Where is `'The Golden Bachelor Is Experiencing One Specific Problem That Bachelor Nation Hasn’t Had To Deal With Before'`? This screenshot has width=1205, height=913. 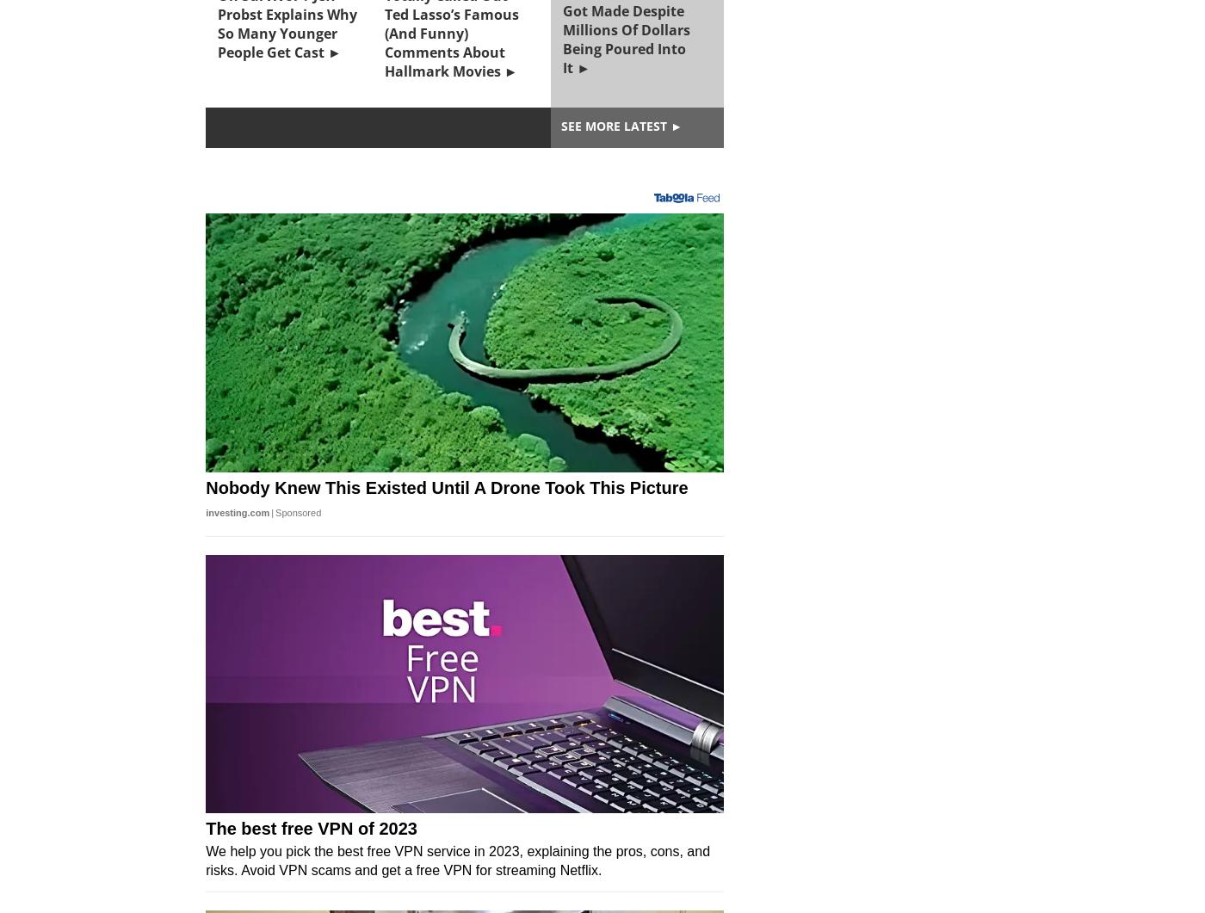 'The Golden Bachelor Is Experiencing One Specific Problem That Bachelor Nation Hasn’t Had To Deal With Before' is located at coordinates (448, 503).